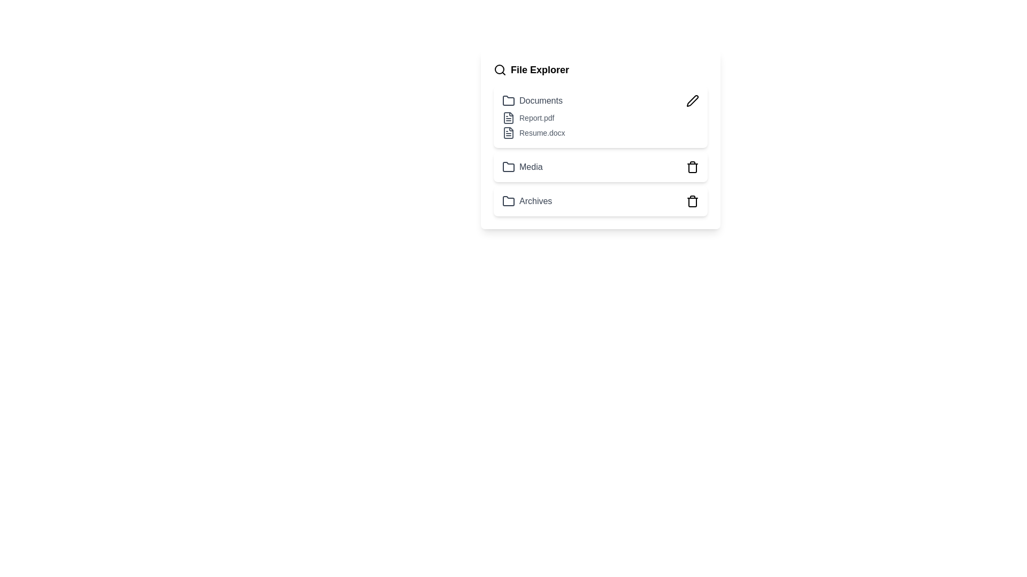 This screenshot has height=577, width=1027. Describe the element at coordinates (601, 117) in the screenshot. I see `the first card in the 'Documents' category for repositioning` at that location.